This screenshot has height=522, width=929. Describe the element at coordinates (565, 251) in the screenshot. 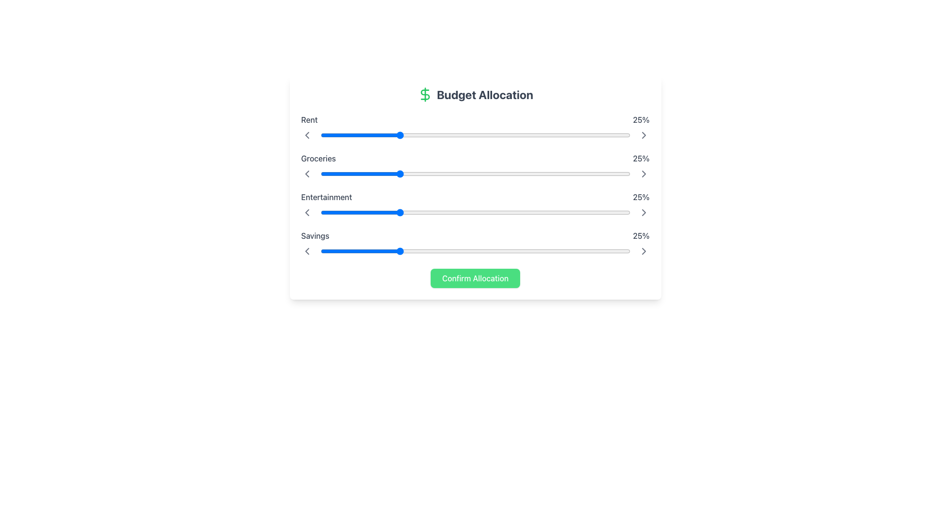

I see `the slider value` at that location.